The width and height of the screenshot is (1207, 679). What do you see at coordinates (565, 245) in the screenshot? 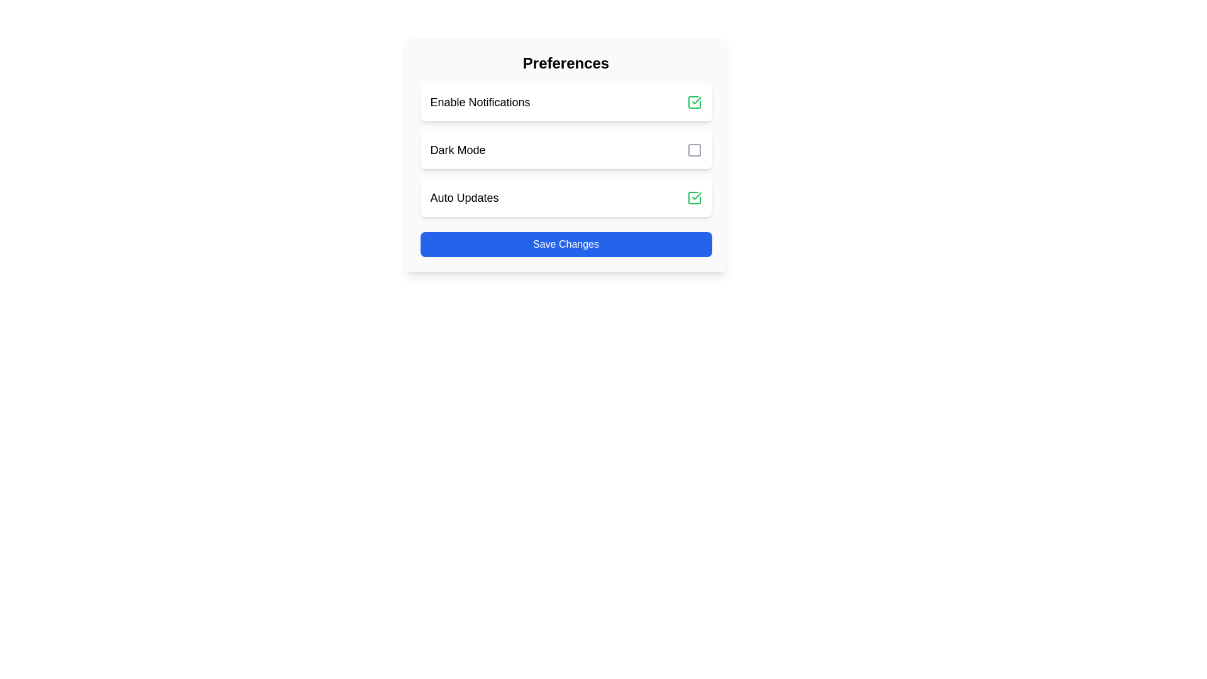
I see `the save button located at the bottom of the preferences card to trigger the hover effect` at bounding box center [565, 245].